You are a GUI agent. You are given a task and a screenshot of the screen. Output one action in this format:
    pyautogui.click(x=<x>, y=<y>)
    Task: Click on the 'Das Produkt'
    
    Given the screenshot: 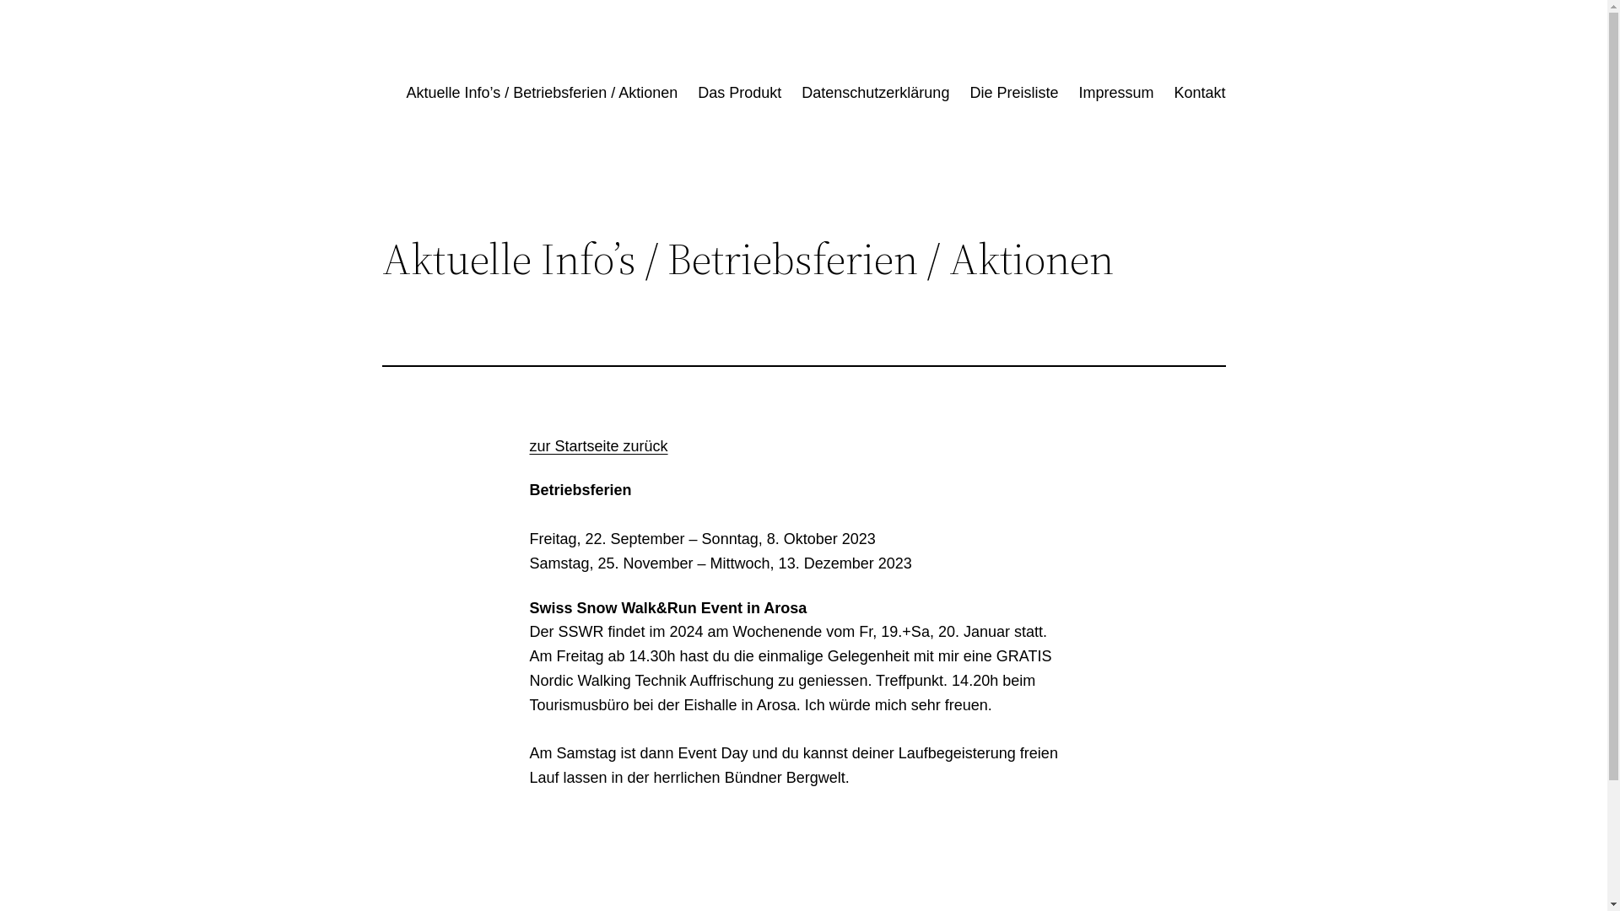 What is the action you would take?
    pyautogui.click(x=697, y=93)
    